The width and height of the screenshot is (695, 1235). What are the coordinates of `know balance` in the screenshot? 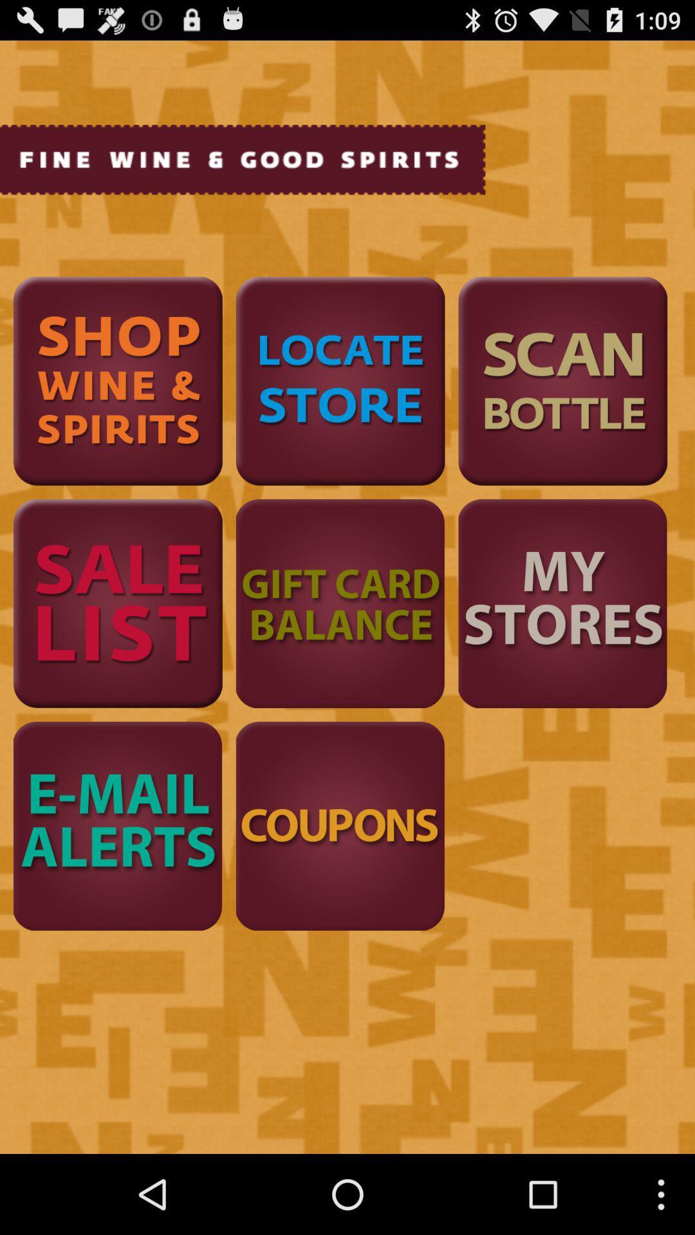 It's located at (340, 603).